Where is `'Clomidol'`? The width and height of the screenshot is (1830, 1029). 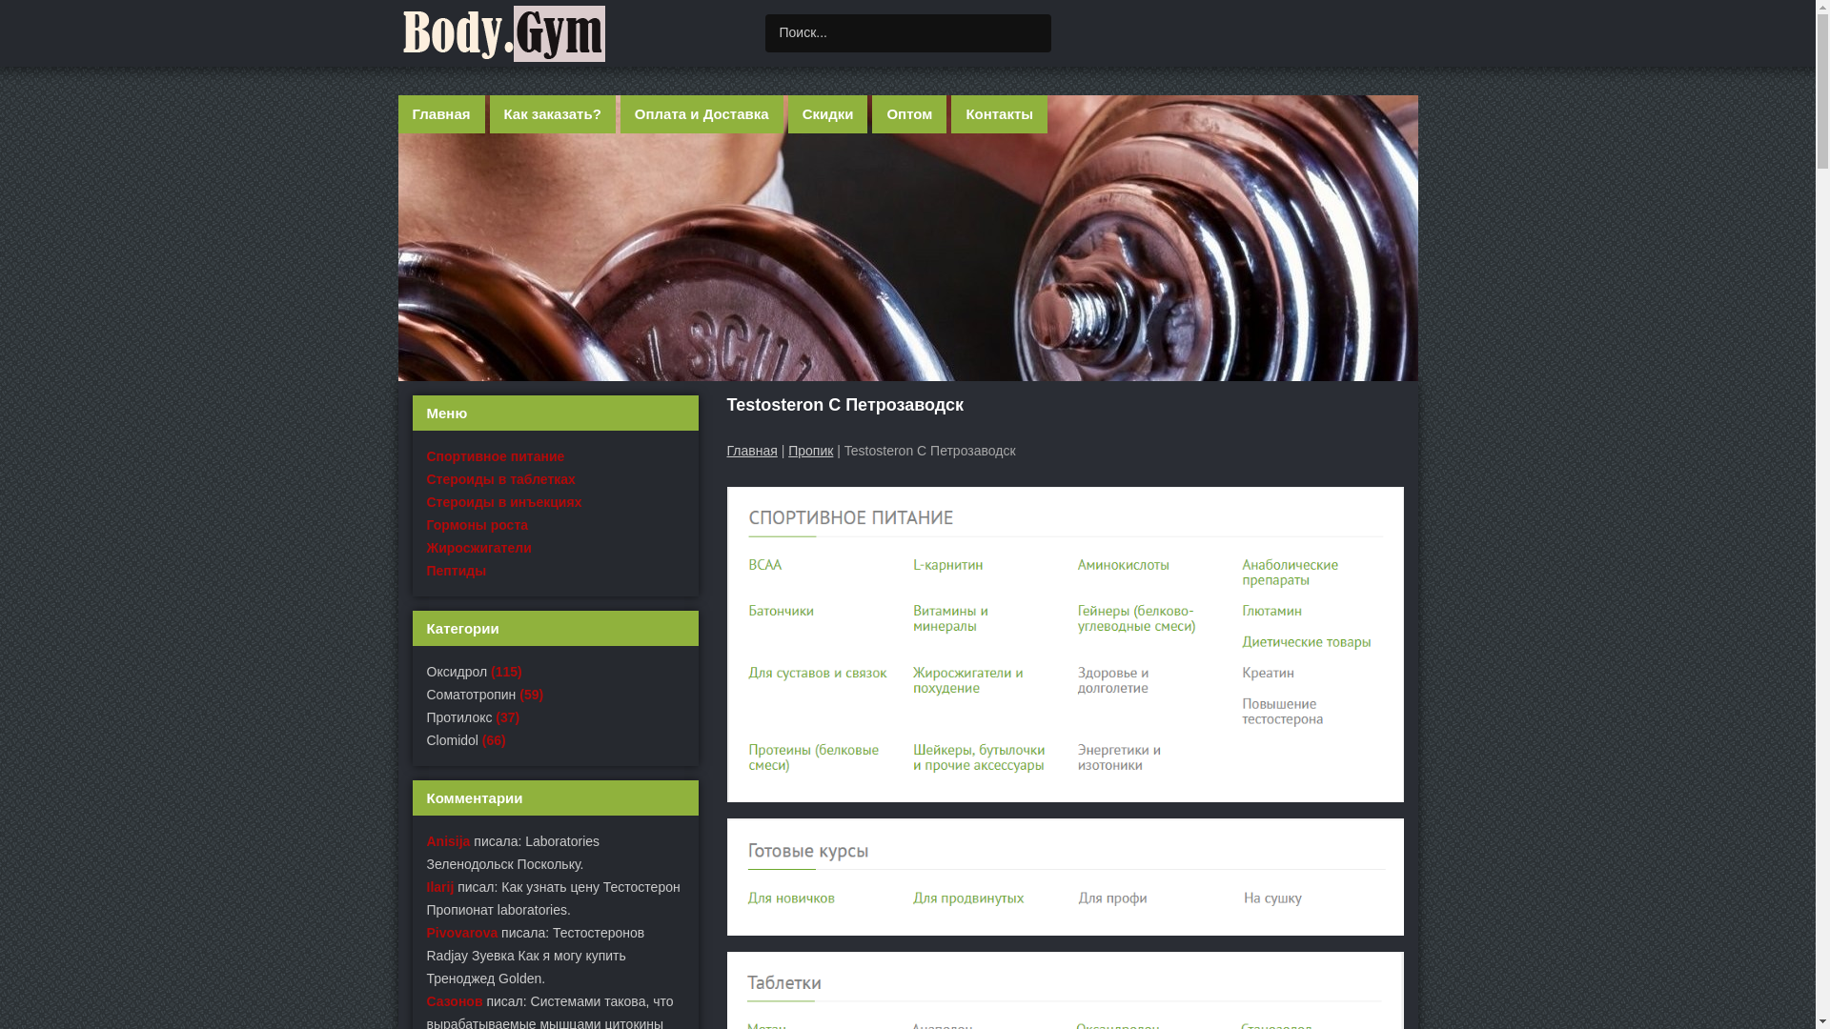
'Clomidol' is located at coordinates (452, 738).